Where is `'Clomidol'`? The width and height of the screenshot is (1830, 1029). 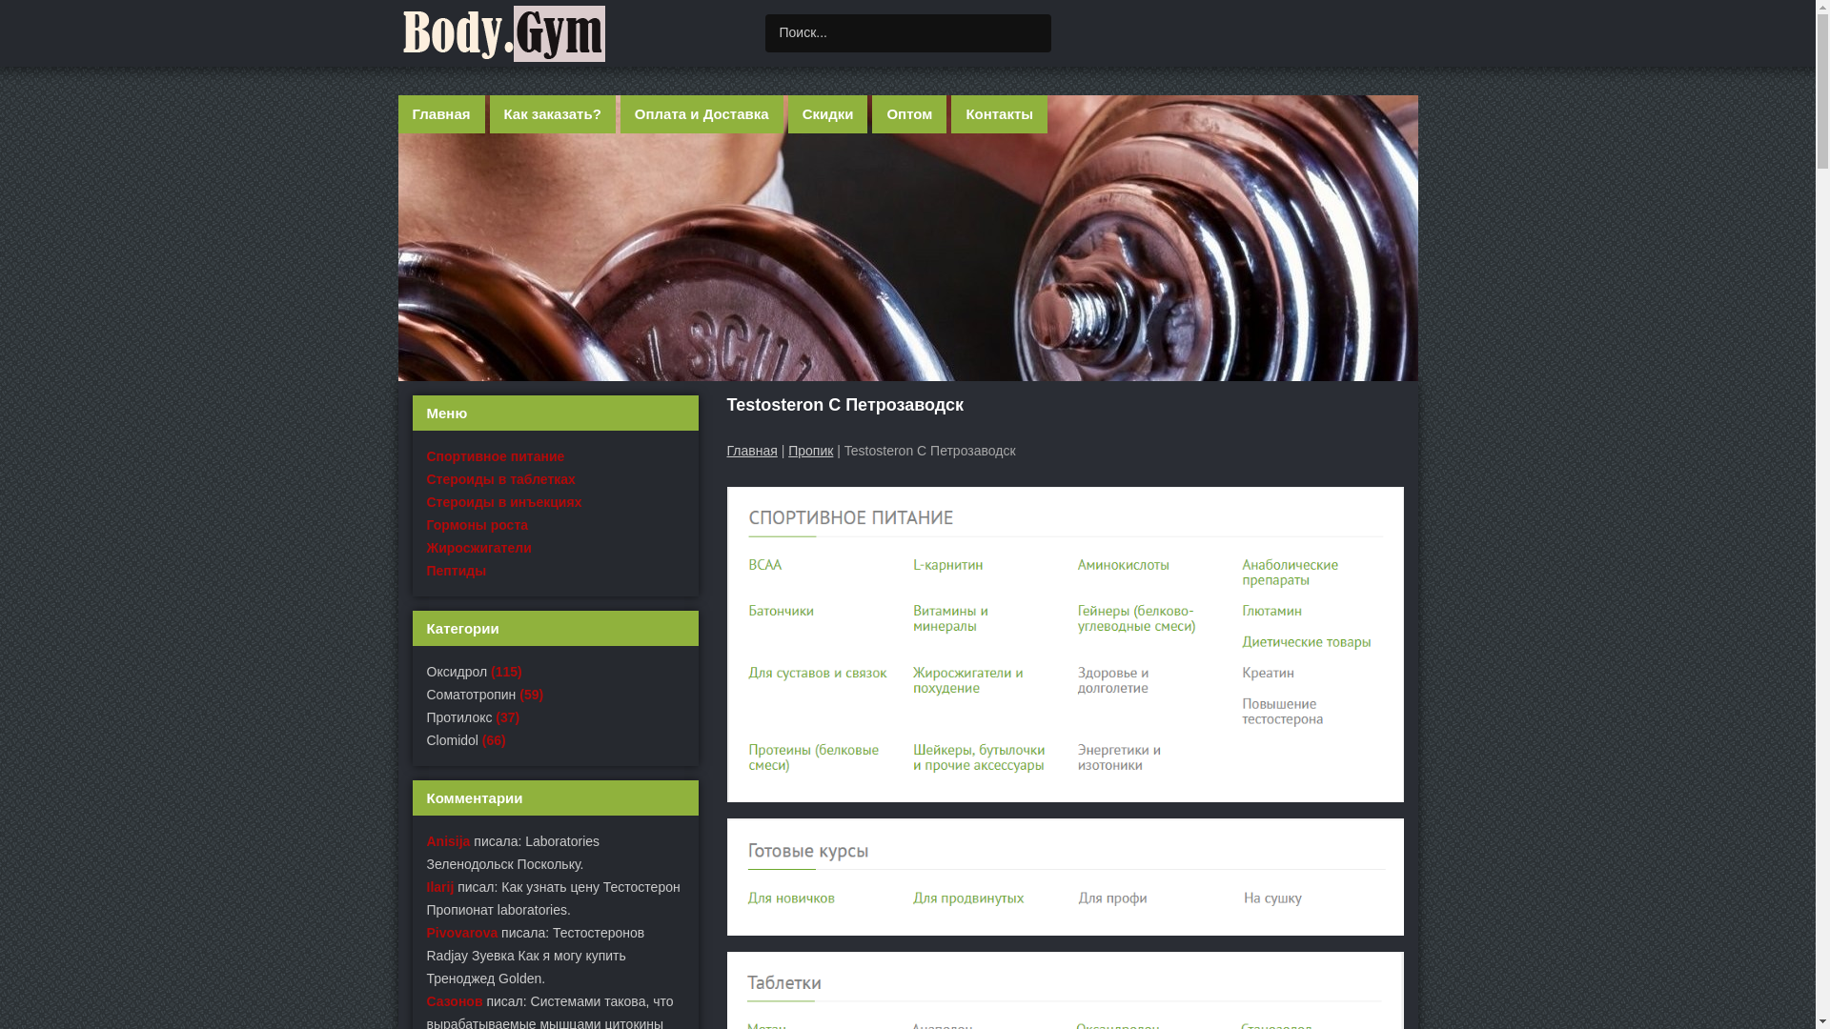
'Clomidol' is located at coordinates (452, 738).